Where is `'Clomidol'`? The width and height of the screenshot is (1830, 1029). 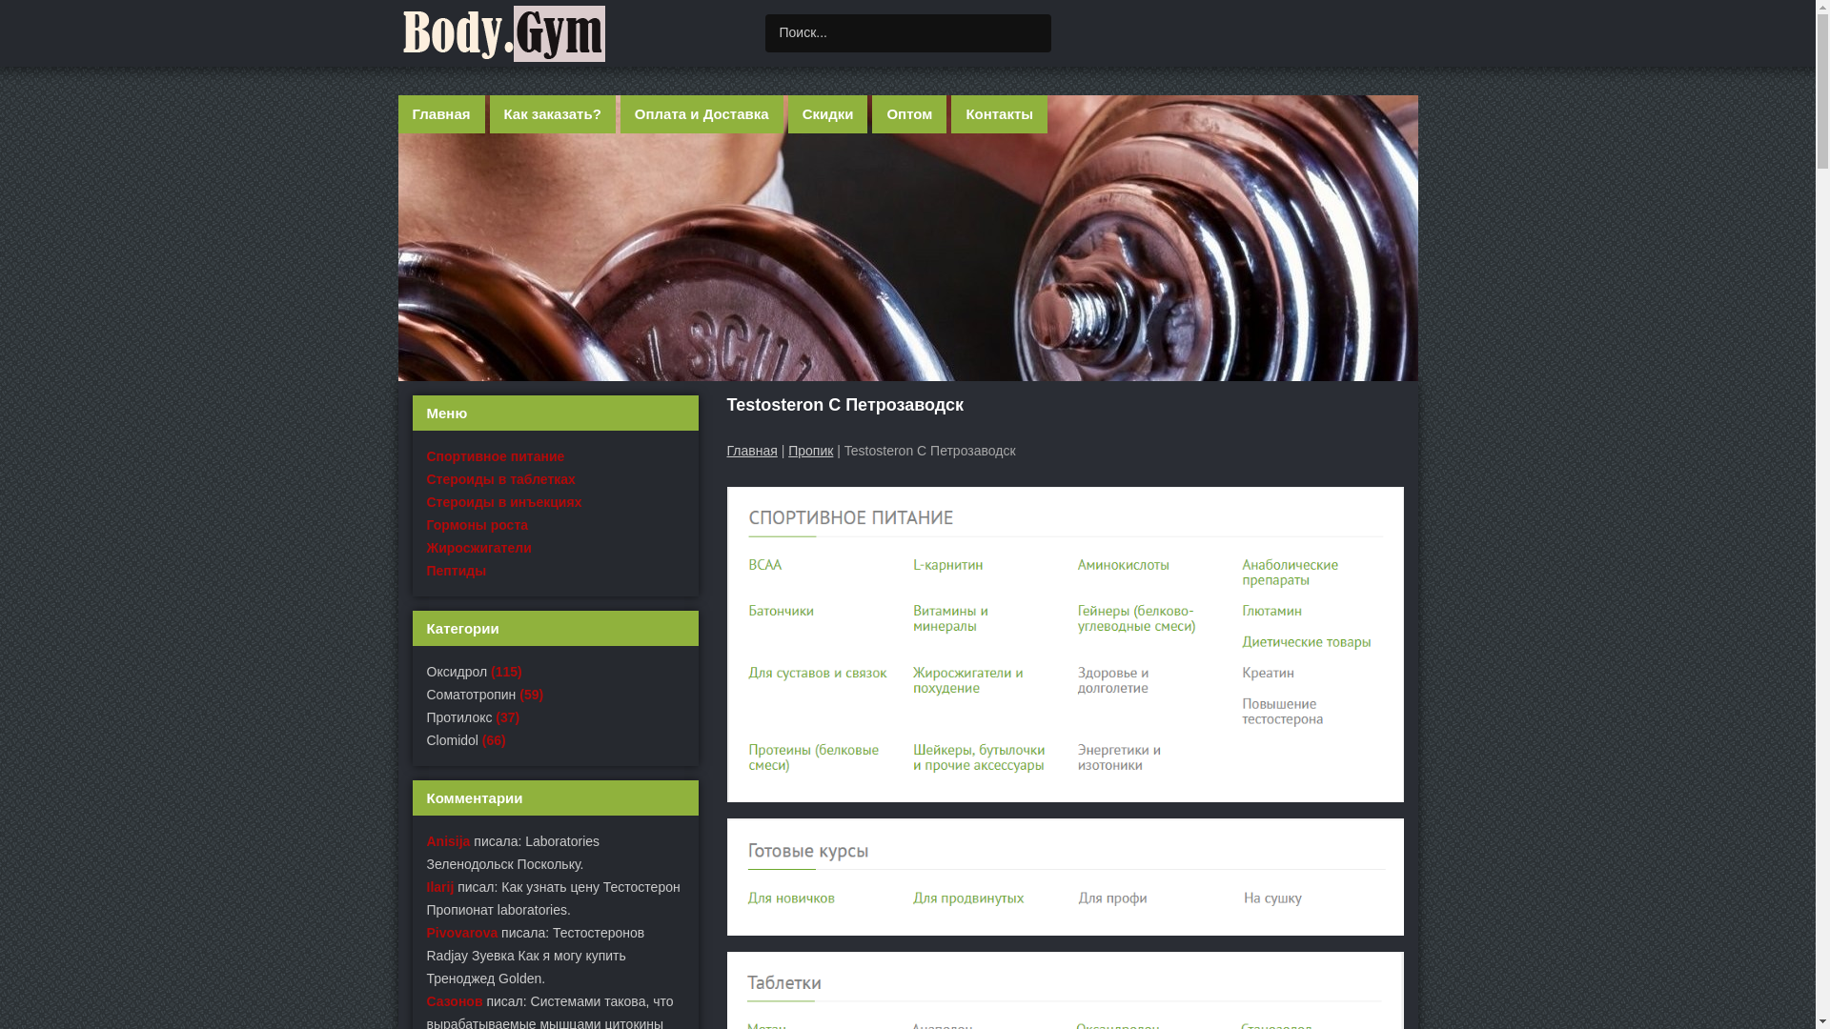
'Clomidol' is located at coordinates (452, 738).